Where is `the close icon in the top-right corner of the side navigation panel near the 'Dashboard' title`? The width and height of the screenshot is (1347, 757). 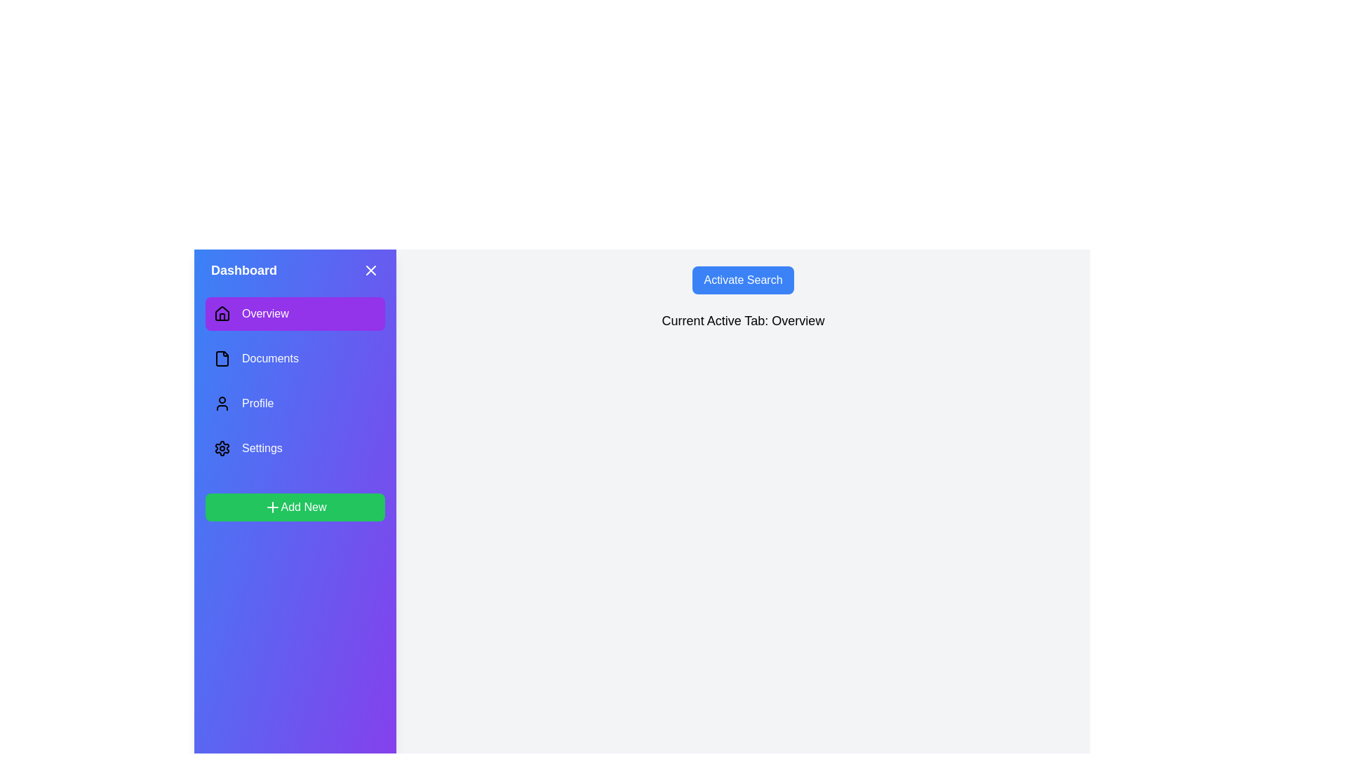 the close icon in the top-right corner of the side navigation panel near the 'Dashboard' title is located at coordinates (370, 270).